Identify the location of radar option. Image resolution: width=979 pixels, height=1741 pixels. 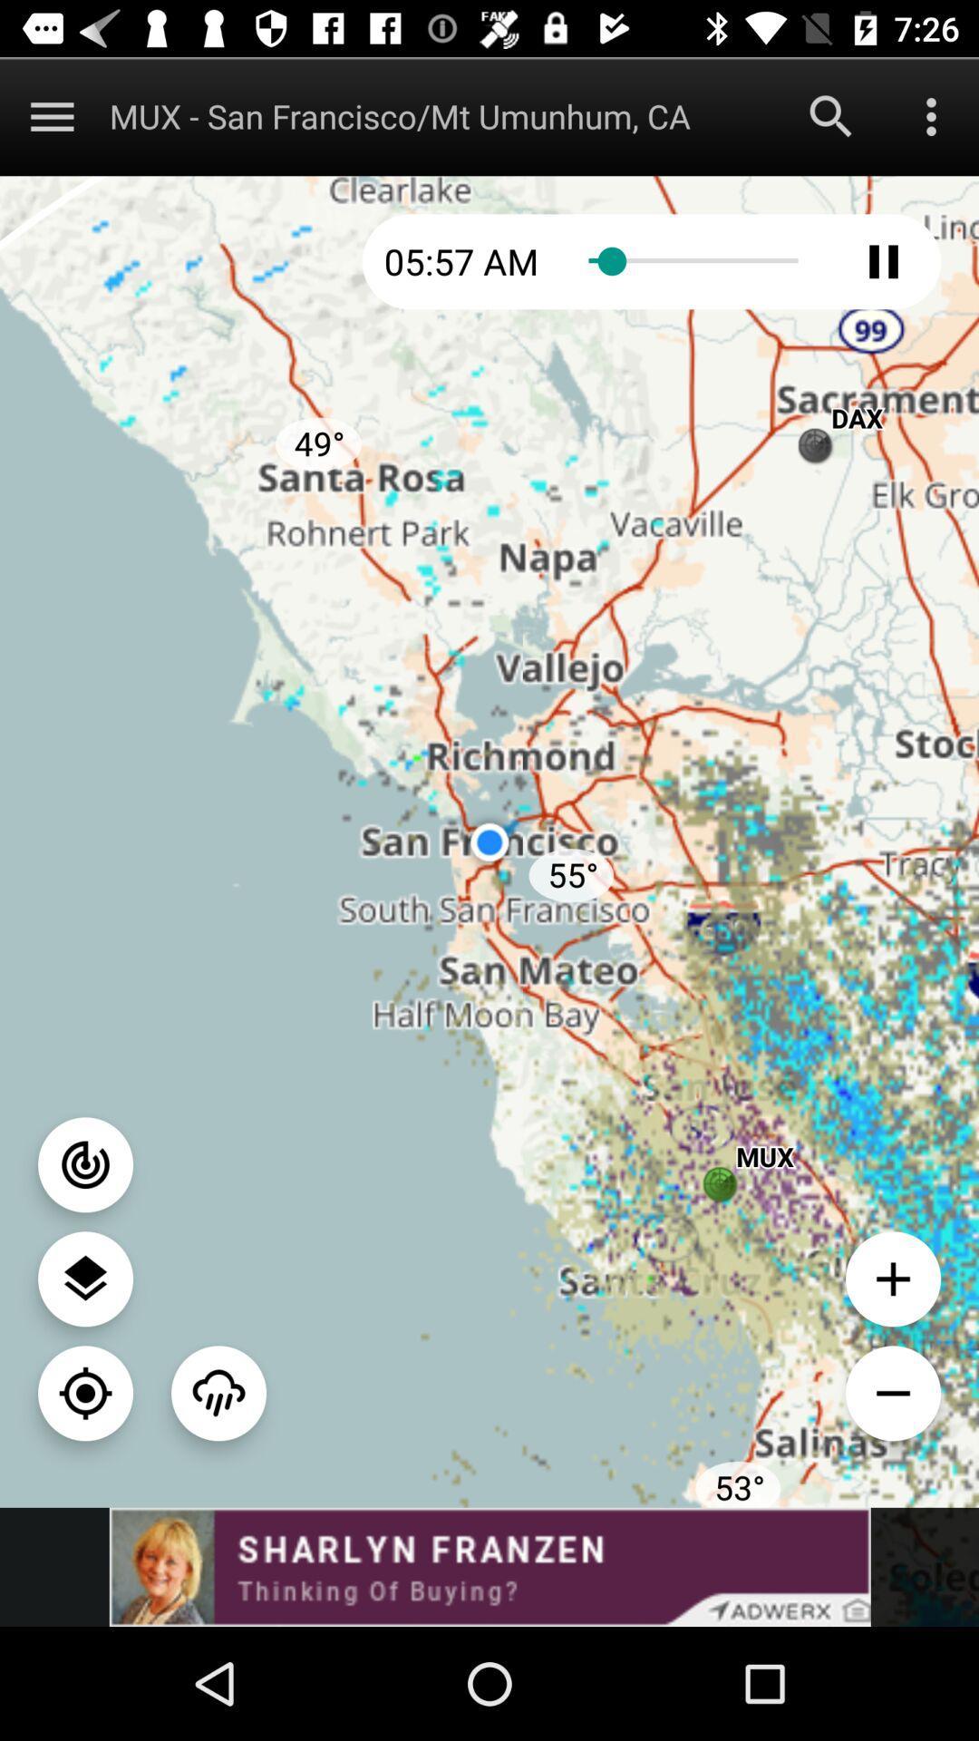
(85, 1164).